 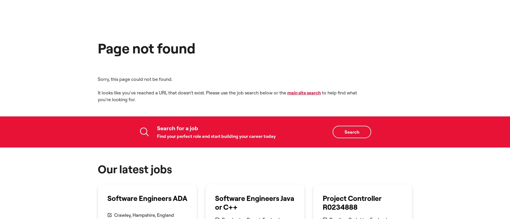 I want to click on 'Company details', so click(x=124, y=194).